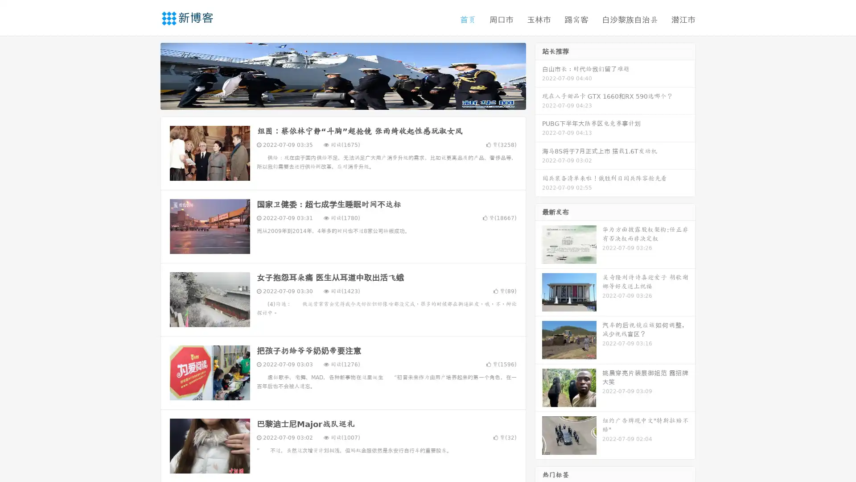 The height and width of the screenshot is (482, 856). I want to click on Next slide, so click(539, 75).